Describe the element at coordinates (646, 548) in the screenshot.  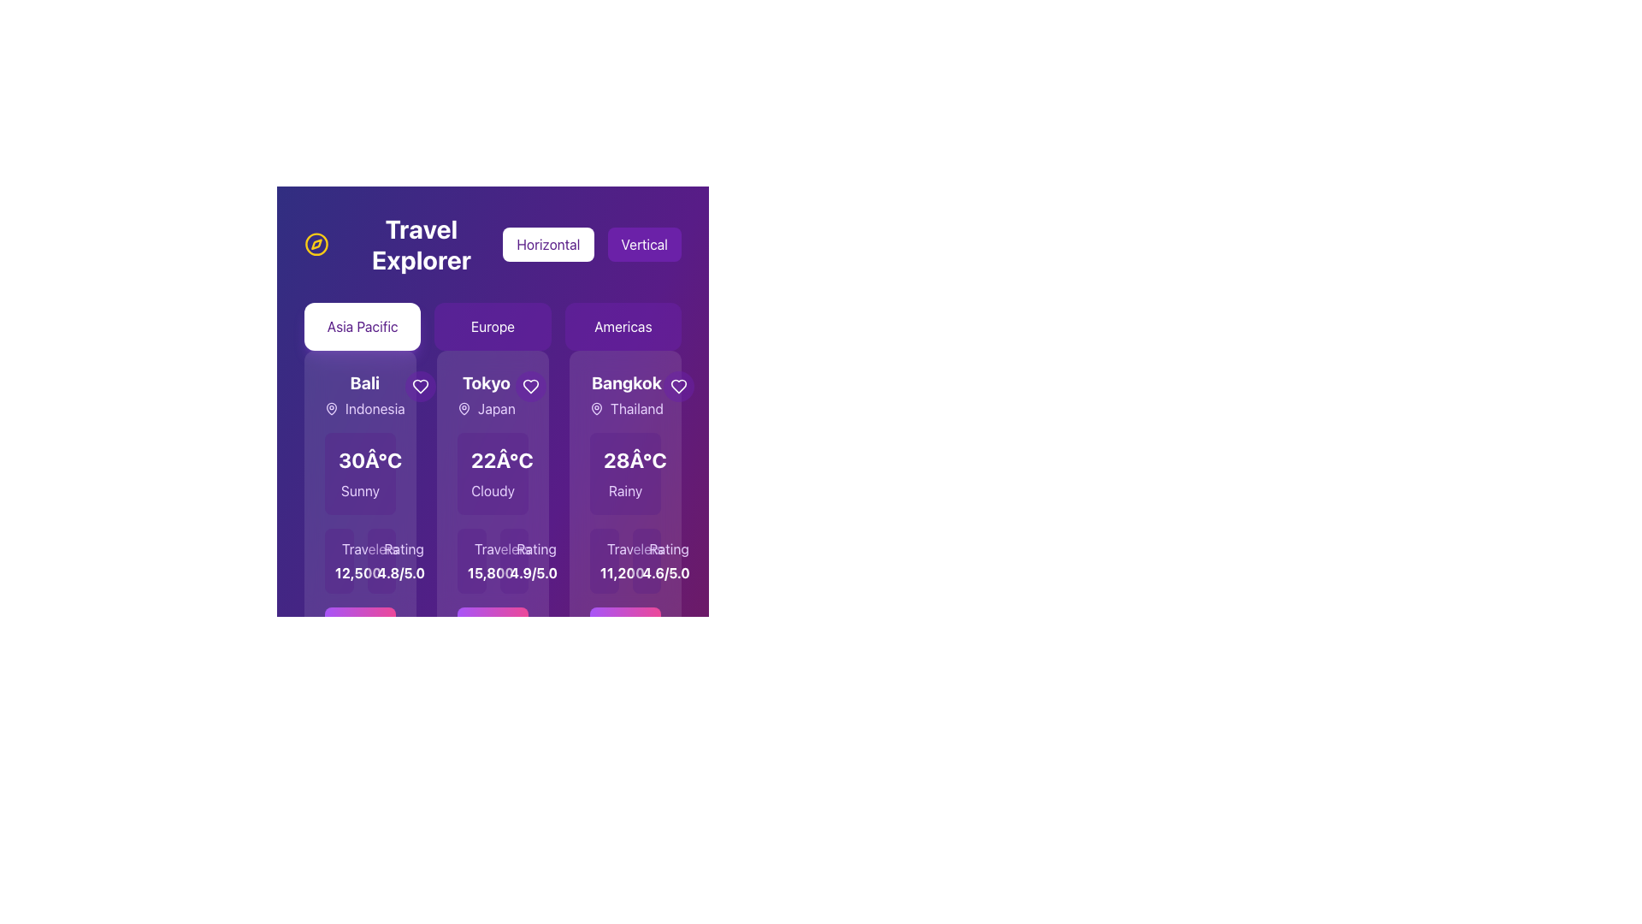
I see `the 'Rating' text label, which is light purple and located above the numeric rating '4.6/5.0', aligned with the star icon on its left` at that location.